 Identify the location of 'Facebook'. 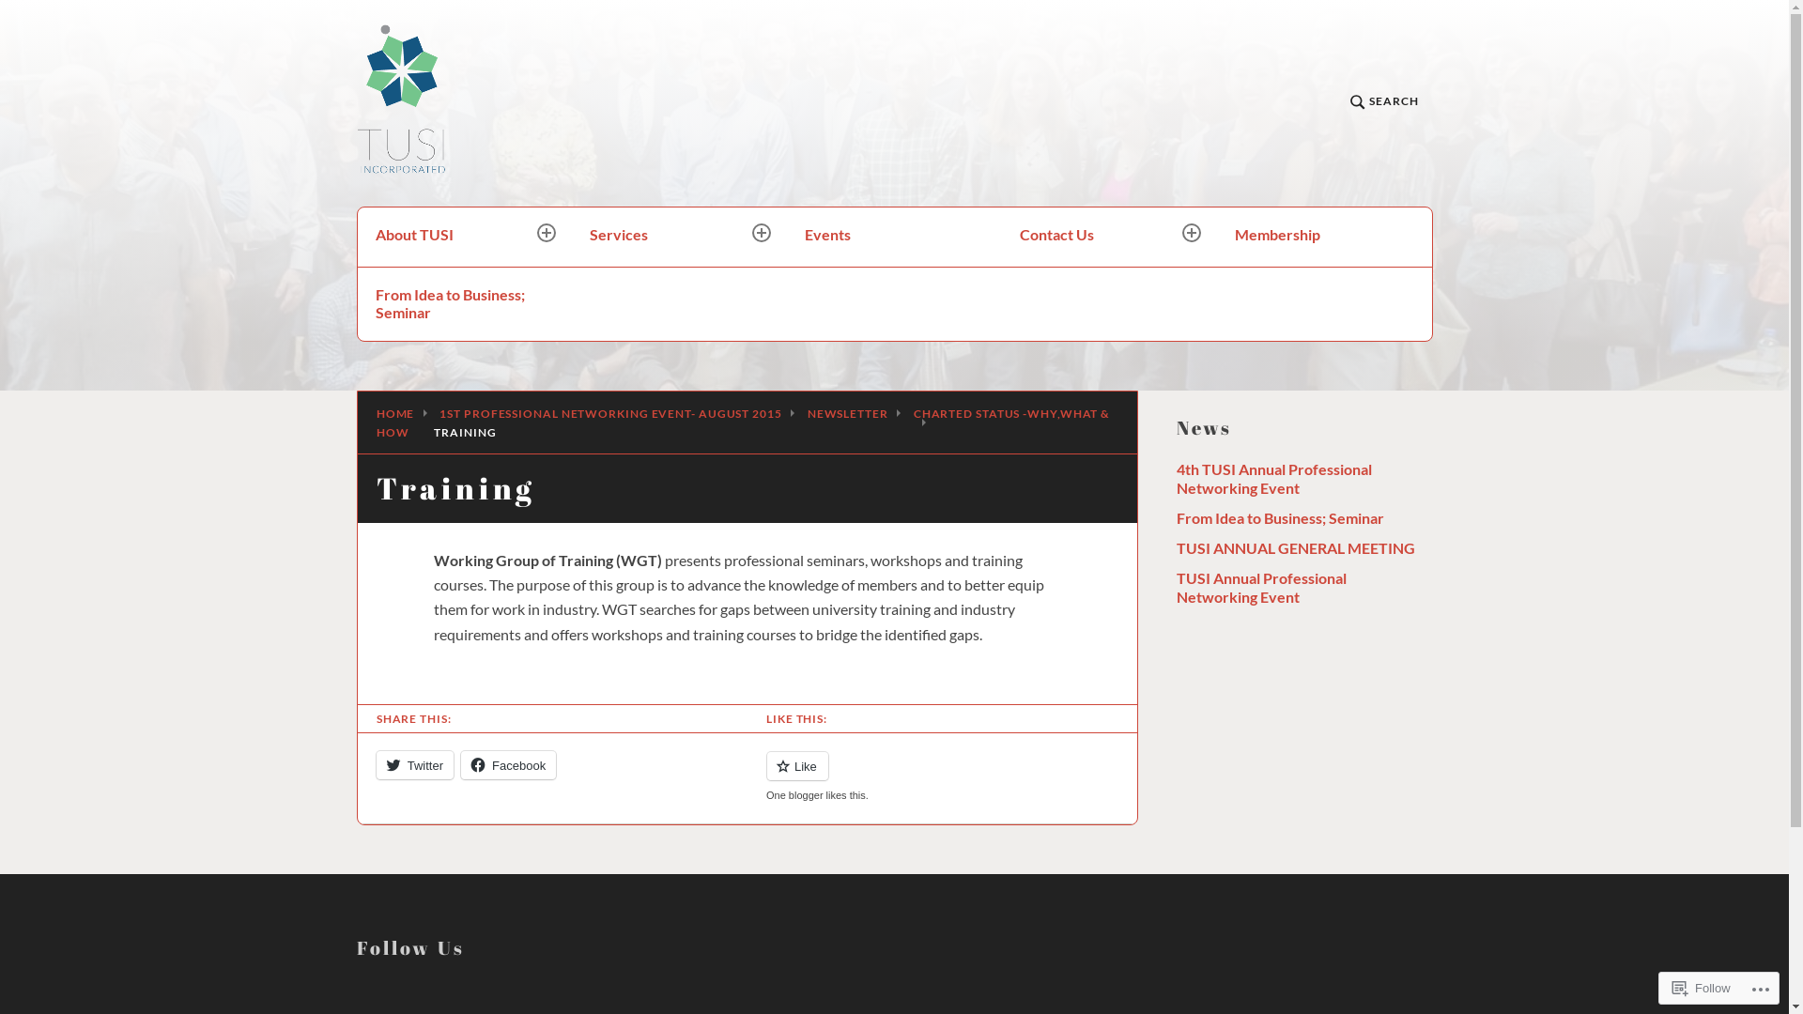
(508, 764).